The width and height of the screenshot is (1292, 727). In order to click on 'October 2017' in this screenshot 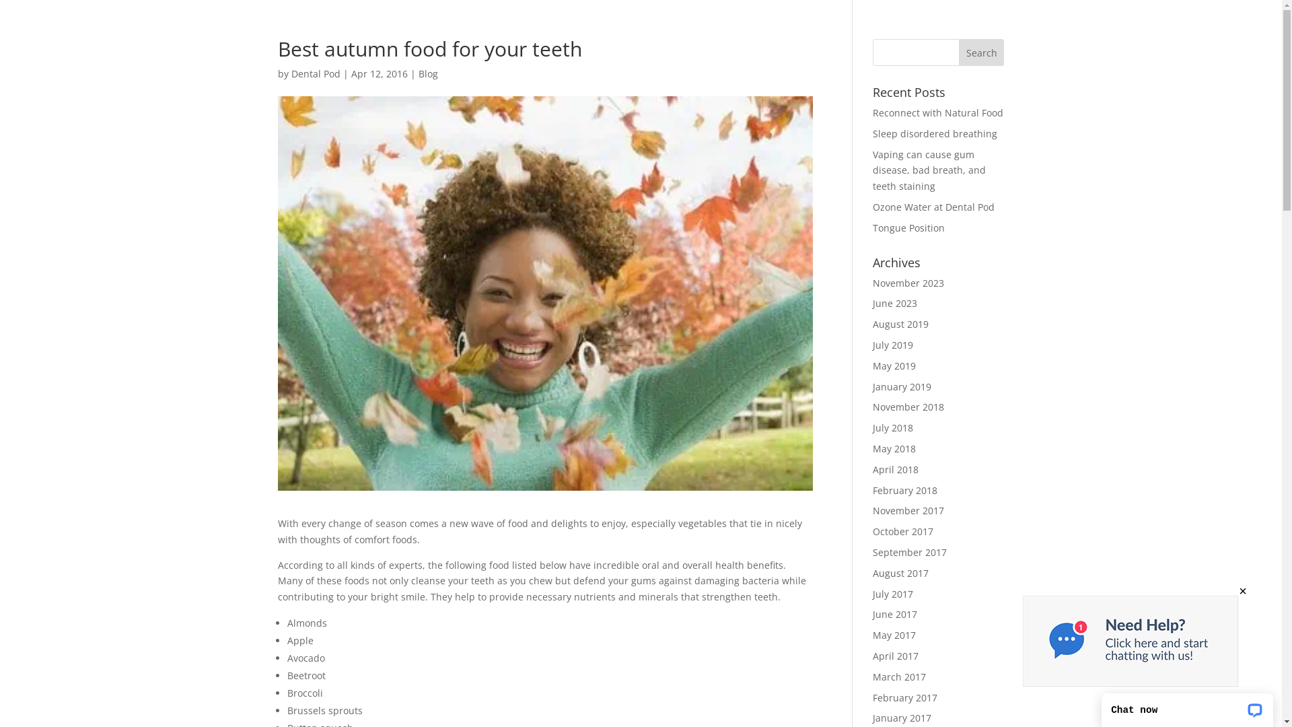, I will do `click(903, 530)`.